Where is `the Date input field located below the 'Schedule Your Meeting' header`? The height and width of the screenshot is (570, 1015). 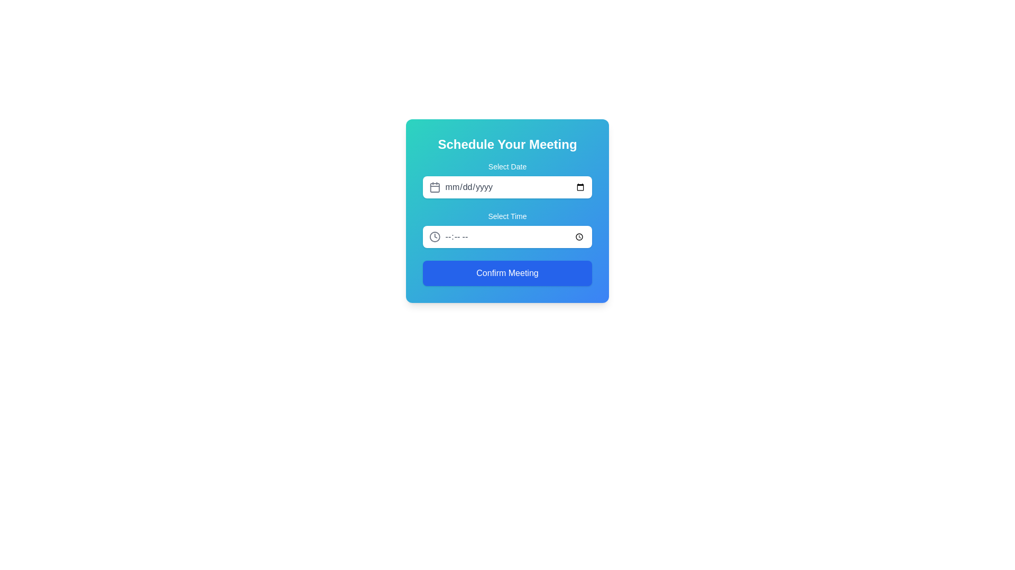 the Date input field located below the 'Schedule Your Meeting' header is located at coordinates (508, 179).